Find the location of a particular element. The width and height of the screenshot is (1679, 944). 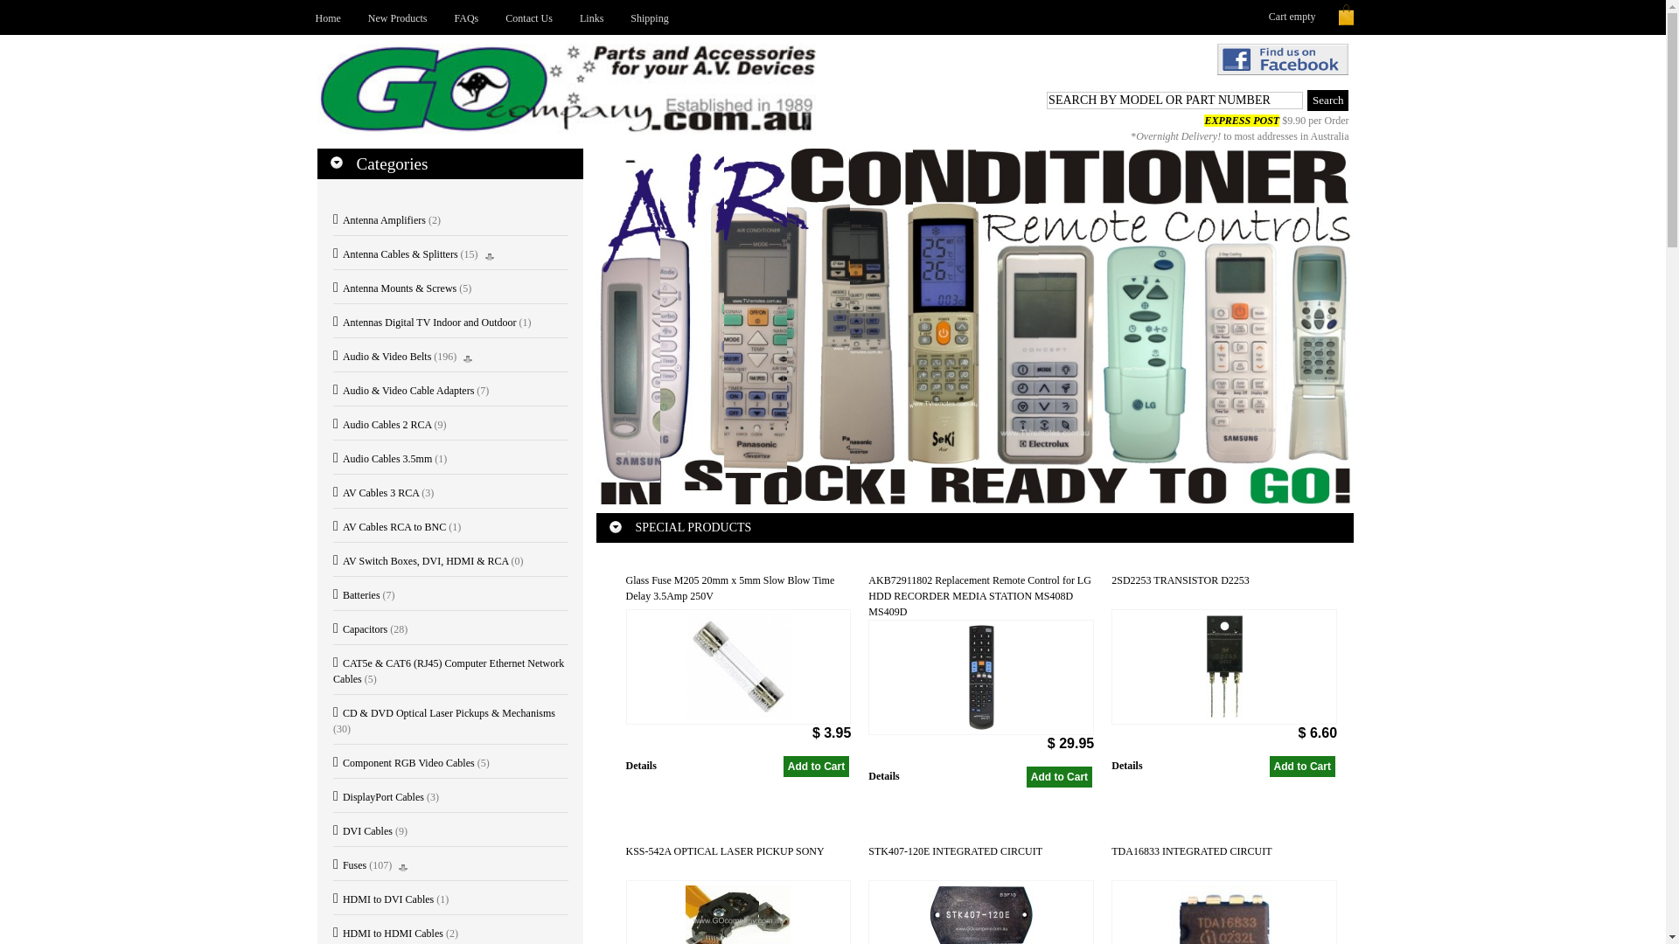

'Antenna Mounts & Screws' is located at coordinates (394, 288).